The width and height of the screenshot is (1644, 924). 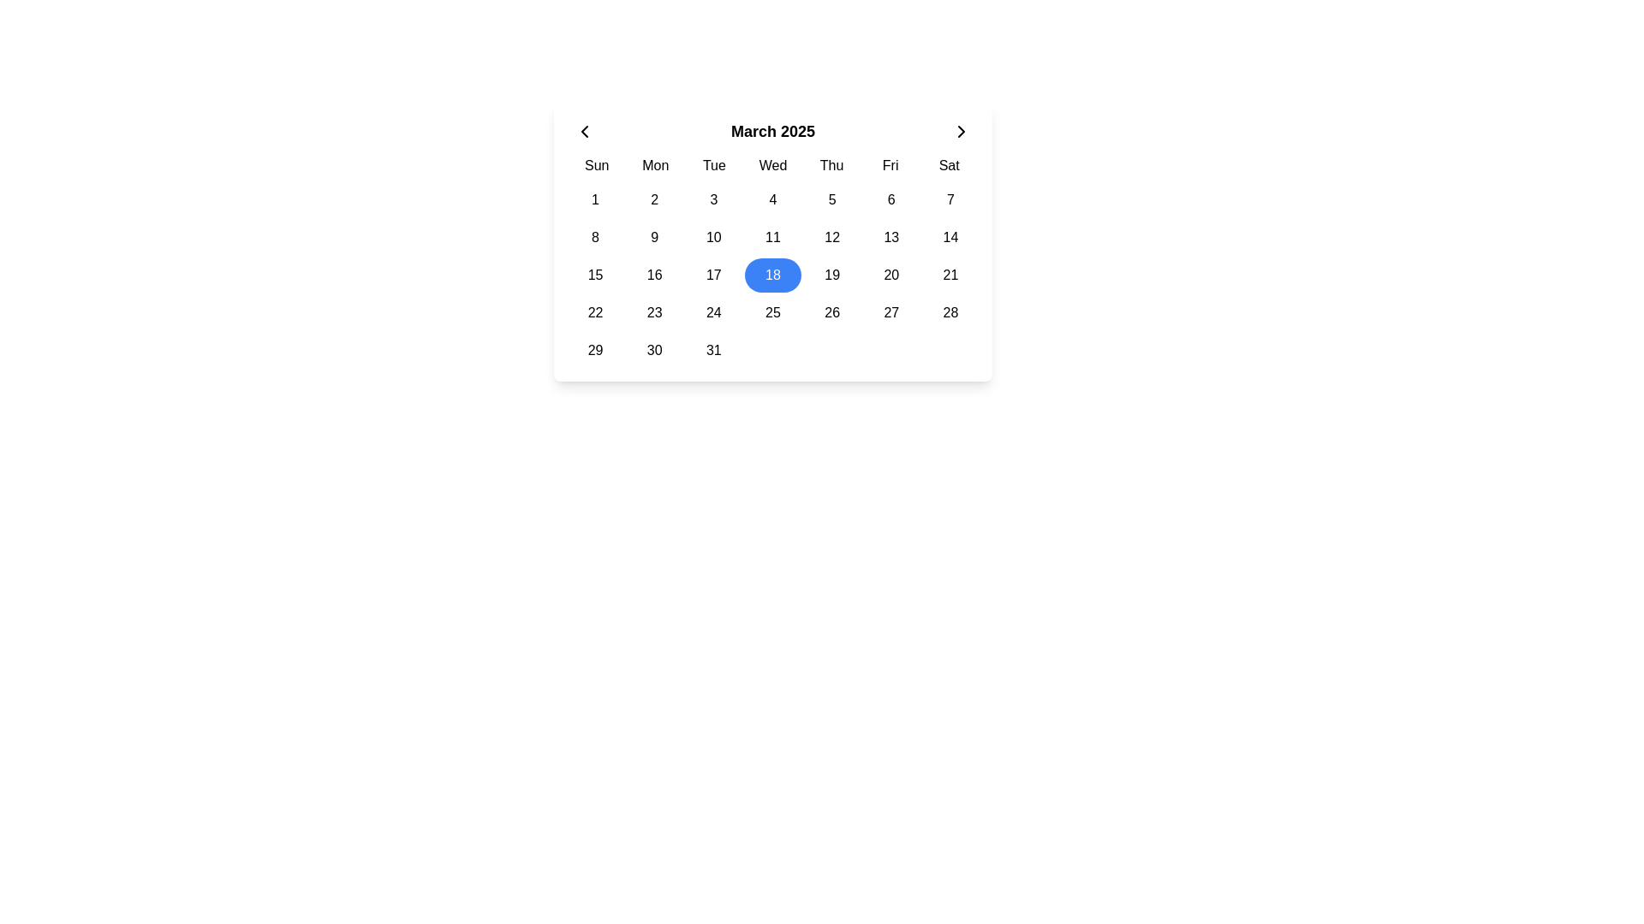 I want to click on on the button displaying '28' in the Saturday column of the calendar interface, so click(x=949, y=313).